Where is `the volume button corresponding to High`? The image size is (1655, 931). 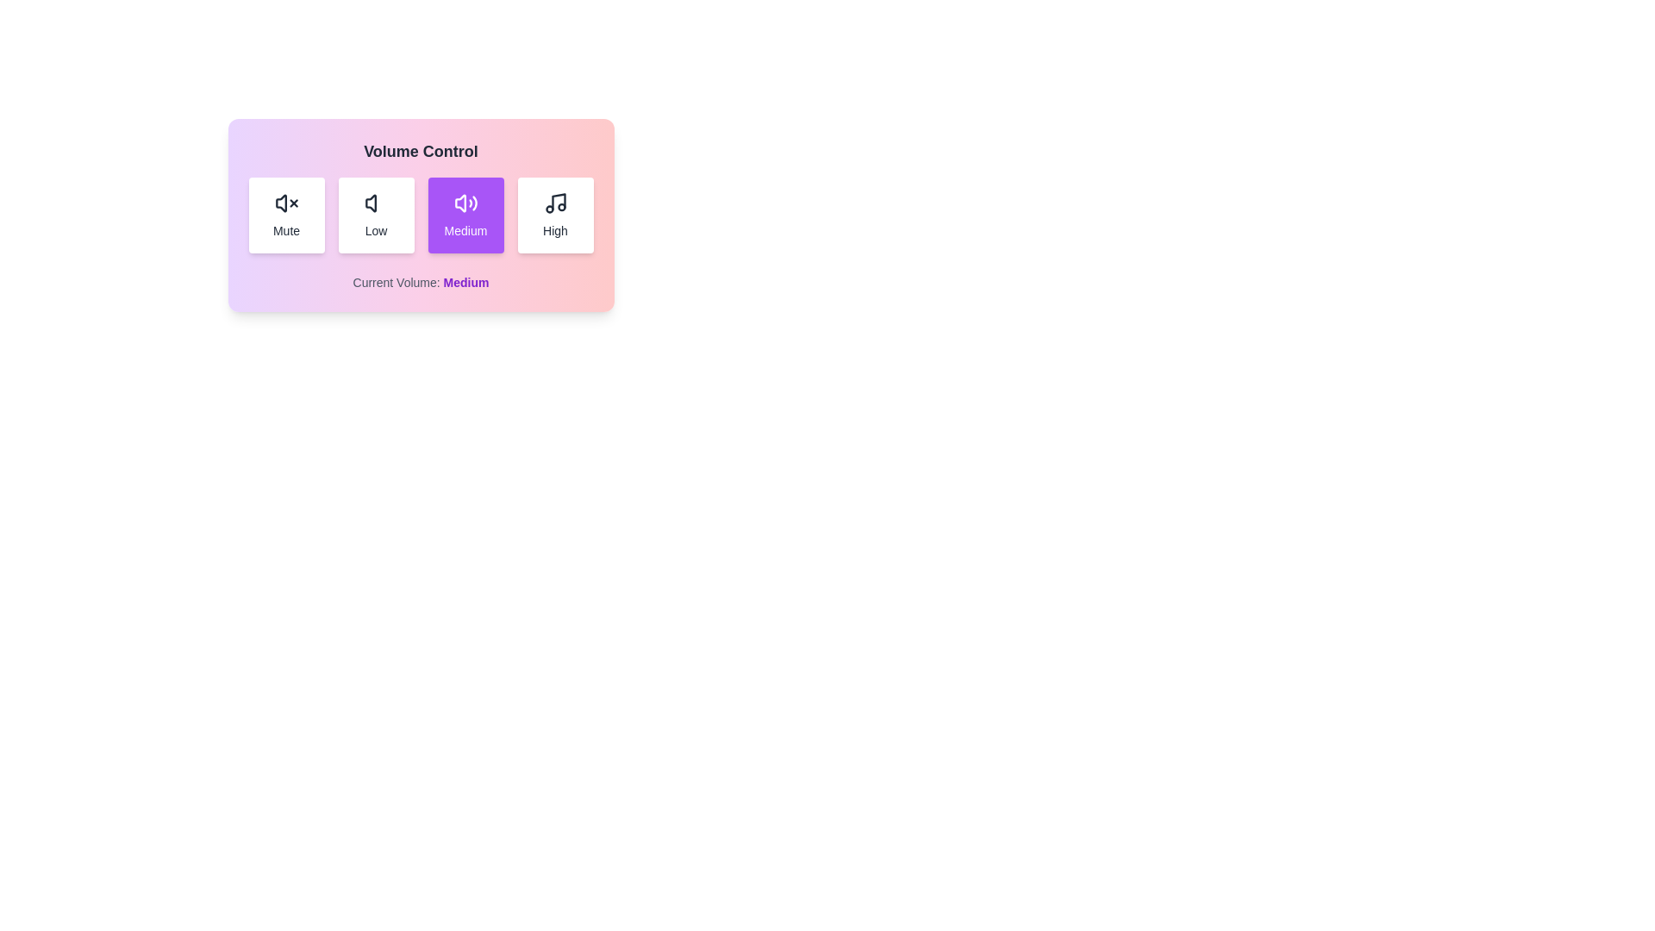 the volume button corresponding to High is located at coordinates (555, 215).